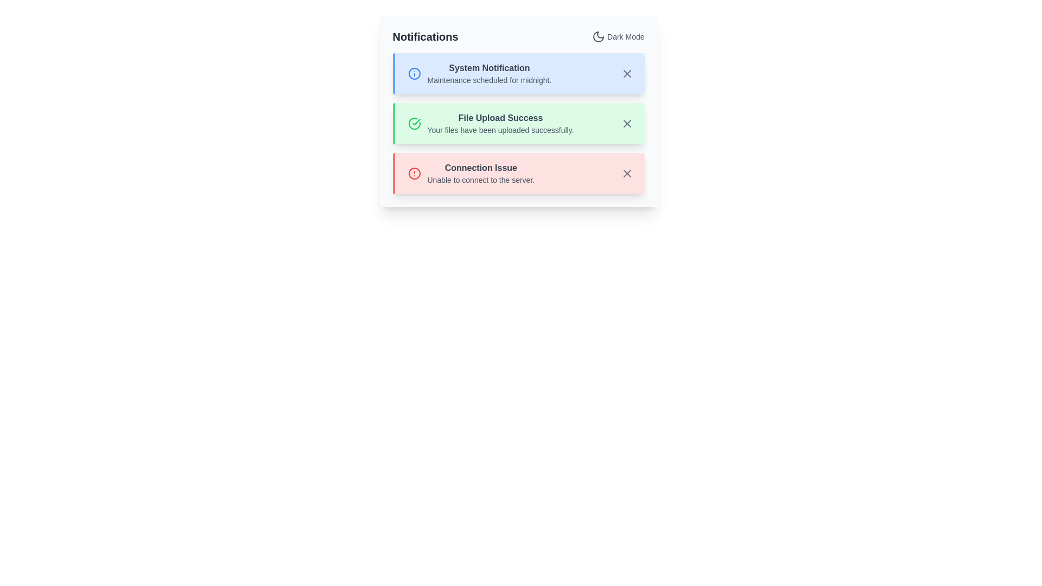  What do you see at coordinates (488, 68) in the screenshot?
I see `bolded text element that displays 'System Notification' within the blue notification box, located at the top left corner of the first notification under the 'Notifications' header` at bounding box center [488, 68].